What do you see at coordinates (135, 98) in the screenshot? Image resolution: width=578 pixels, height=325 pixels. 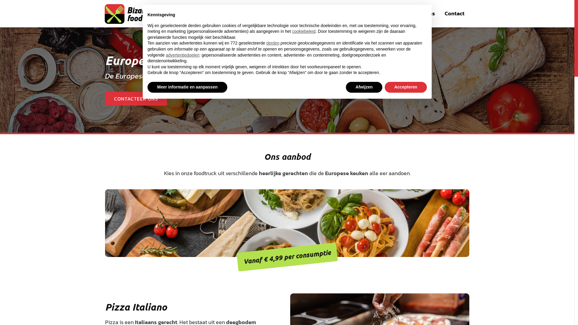 I see `'CONTACTEER ONS'` at bounding box center [135, 98].